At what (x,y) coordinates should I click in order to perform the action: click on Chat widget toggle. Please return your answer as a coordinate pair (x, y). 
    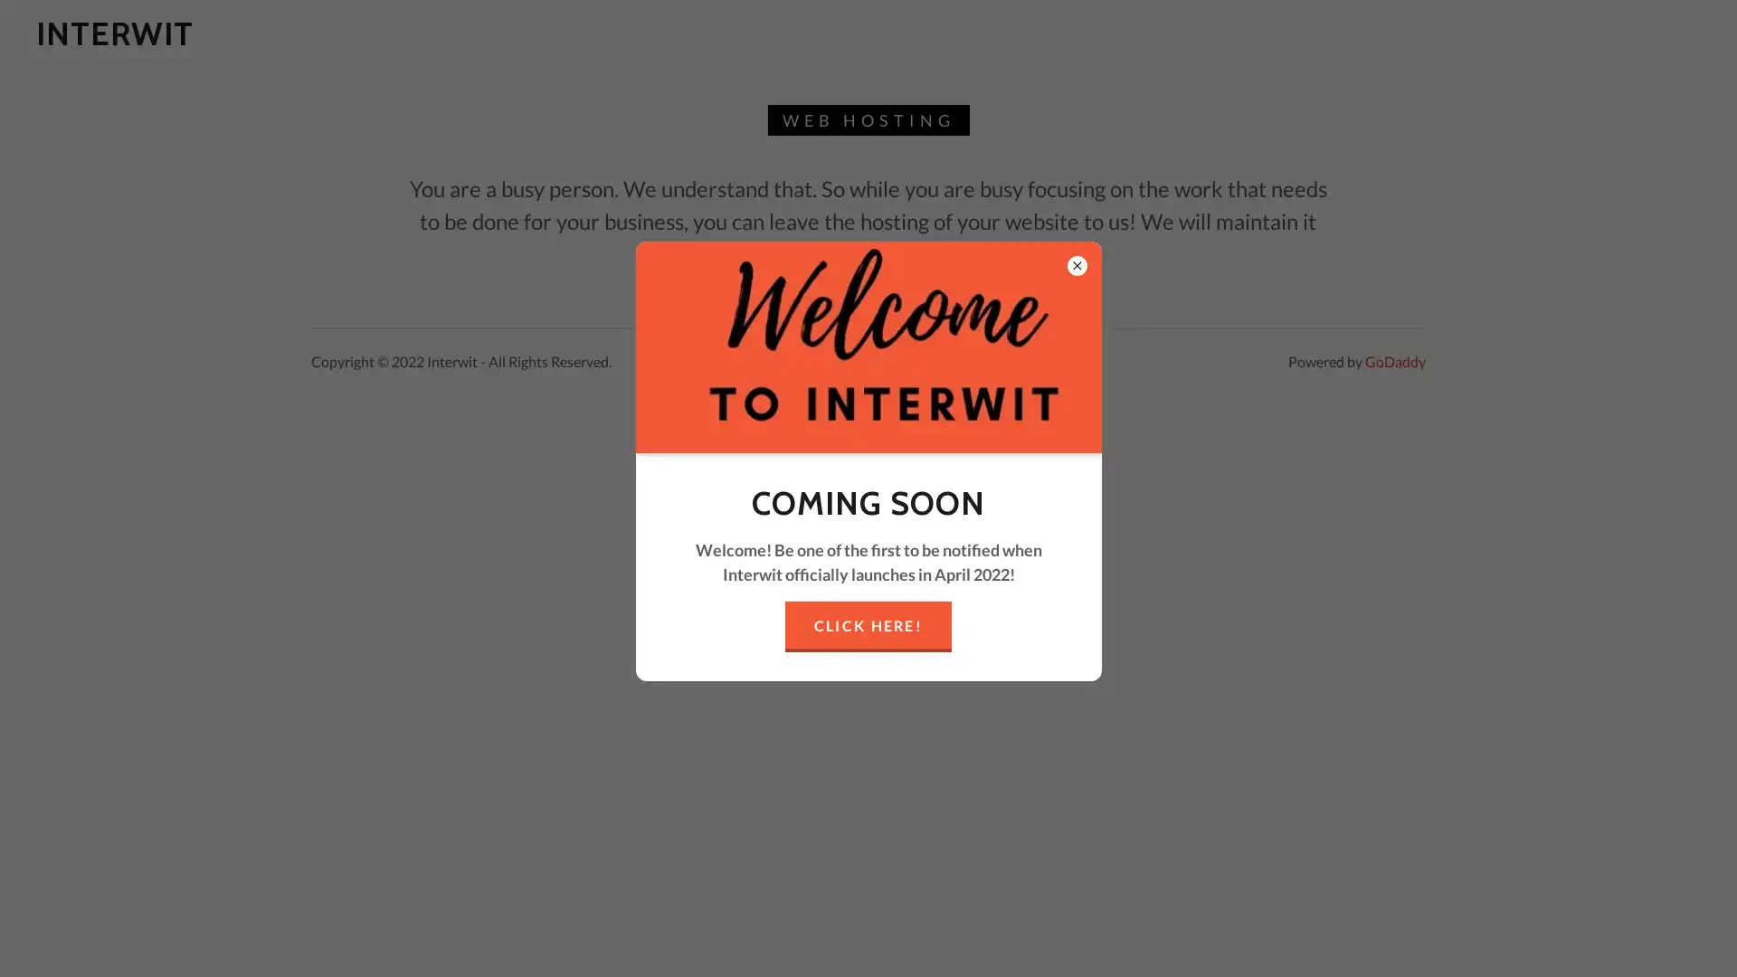
    Looking at the image, I should click on (1689, 931).